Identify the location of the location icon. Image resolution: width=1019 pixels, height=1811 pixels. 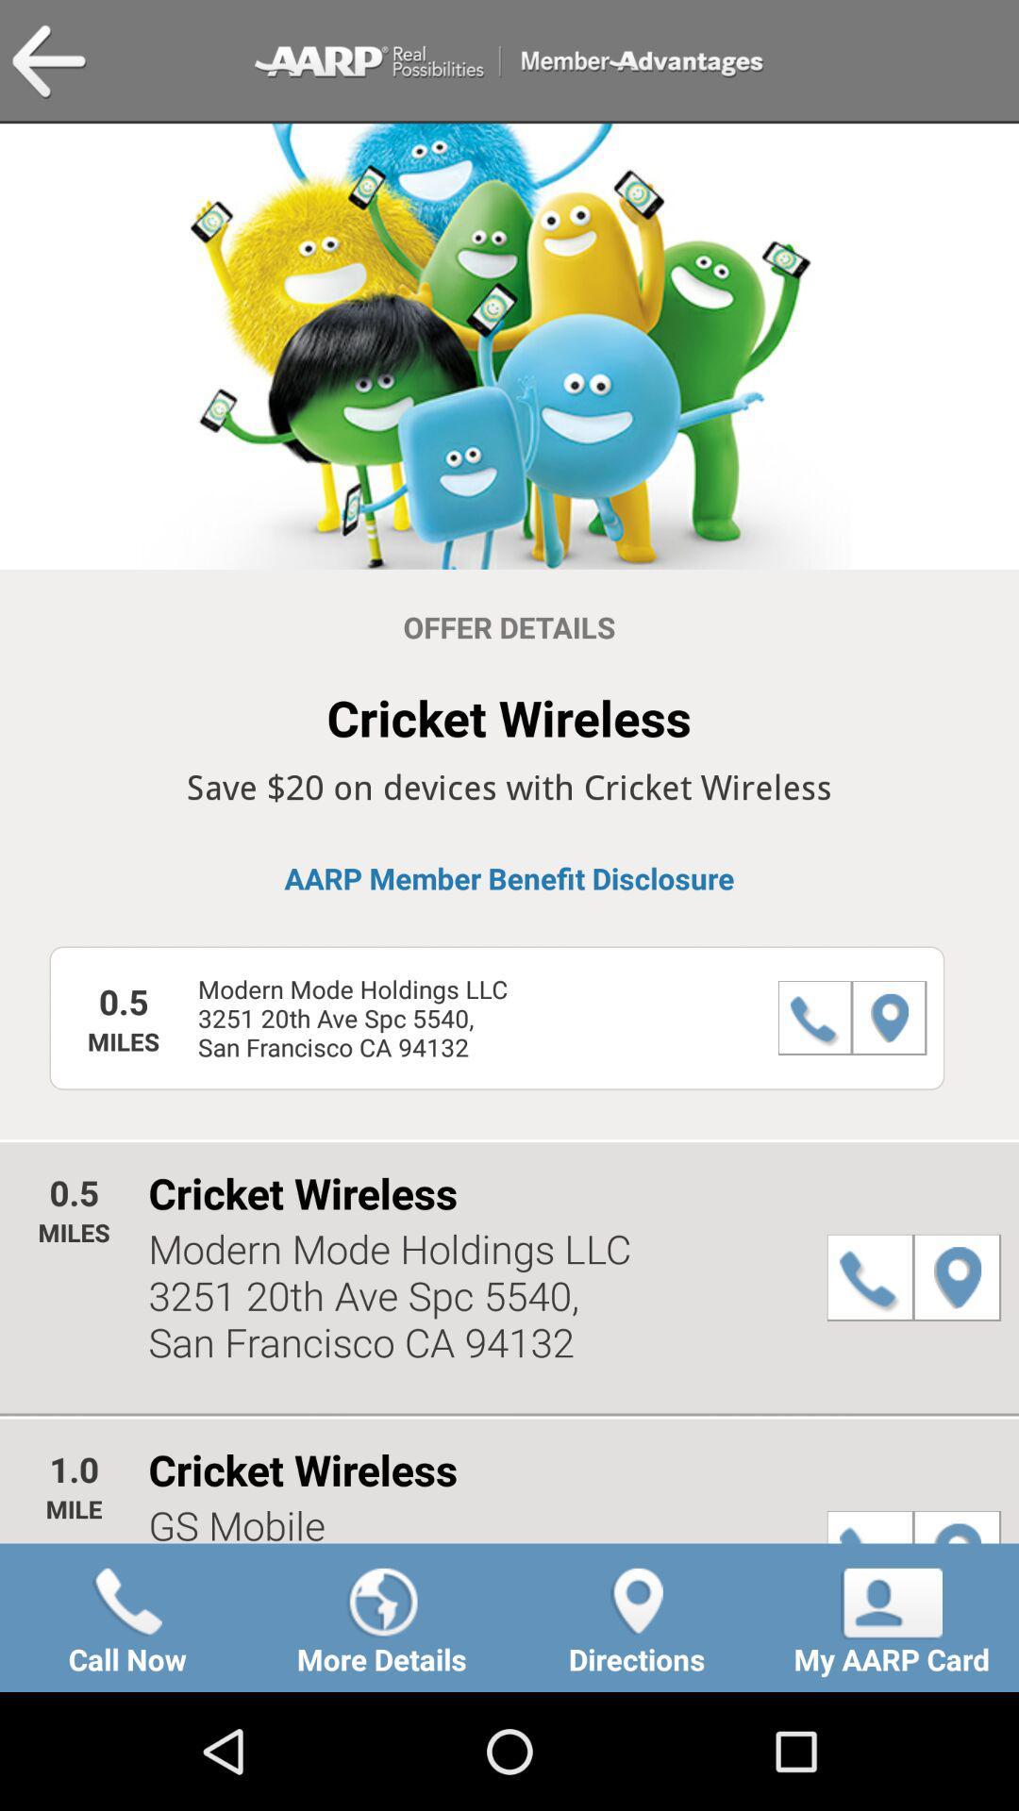
(890, 1089).